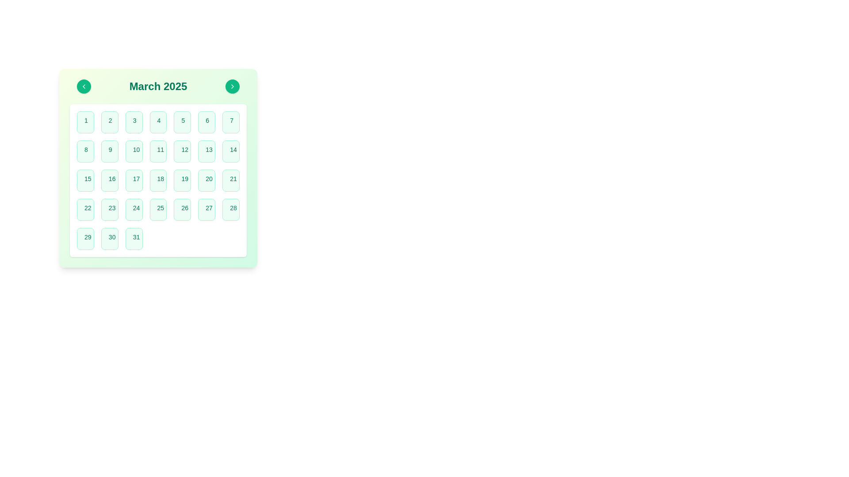 Image resolution: width=849 pixels, height=477 pixels. I want to click on the static text label representing the 31st day in the calendar view for March 2025, located in the bottom-right cell of the calendar grid display, so click(136, 236).